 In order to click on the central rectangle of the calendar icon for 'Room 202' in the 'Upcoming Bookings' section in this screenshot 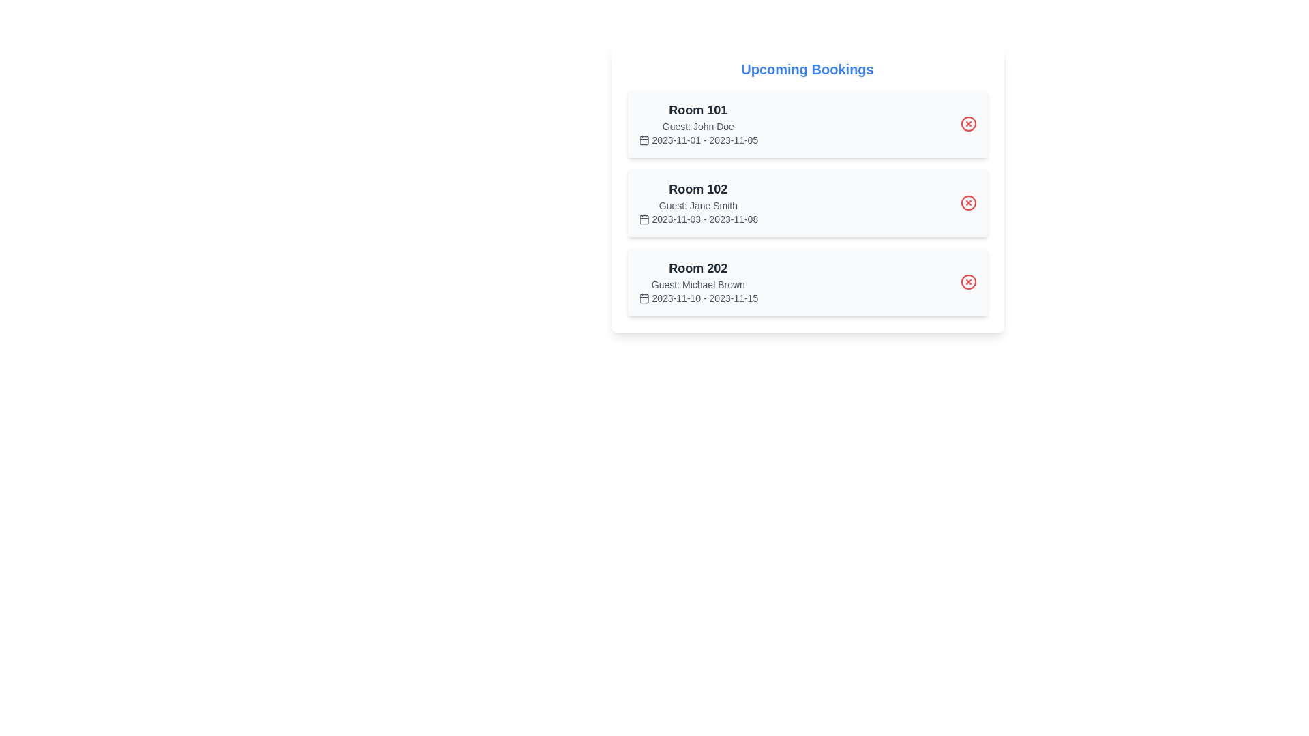, I will do `click(643, 298)`.